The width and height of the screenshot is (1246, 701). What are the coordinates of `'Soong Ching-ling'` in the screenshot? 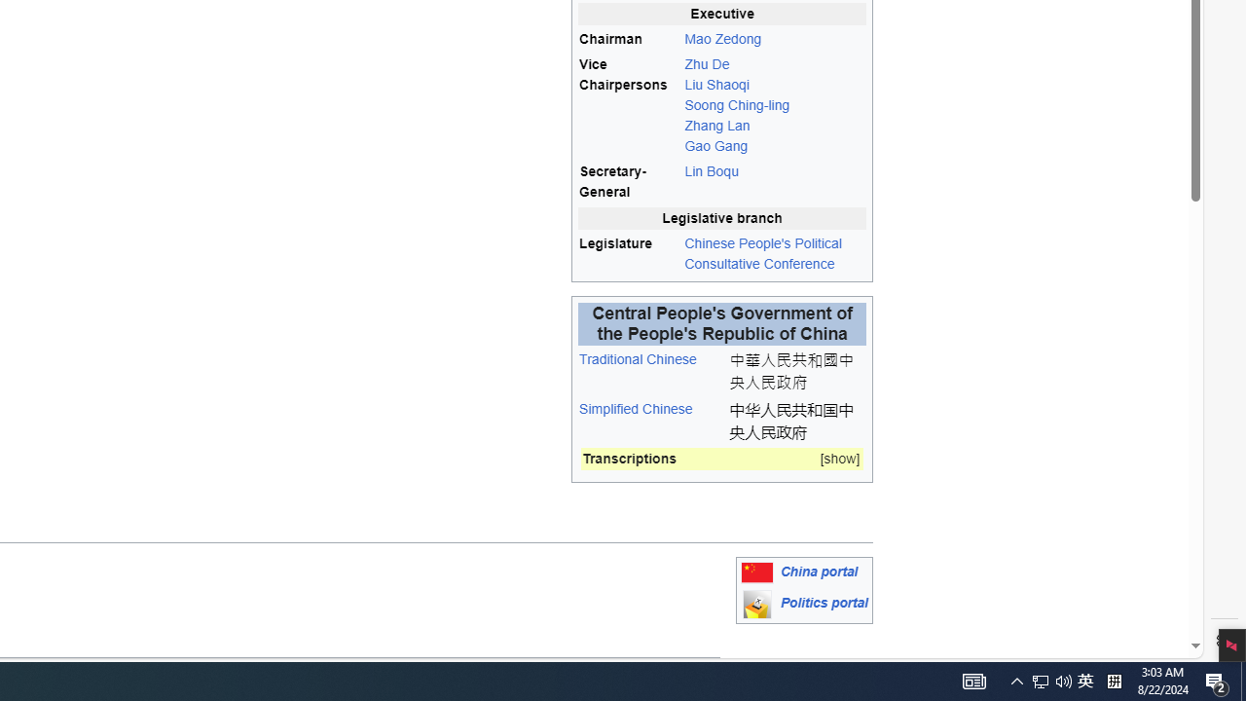 It's located at (736, 105).